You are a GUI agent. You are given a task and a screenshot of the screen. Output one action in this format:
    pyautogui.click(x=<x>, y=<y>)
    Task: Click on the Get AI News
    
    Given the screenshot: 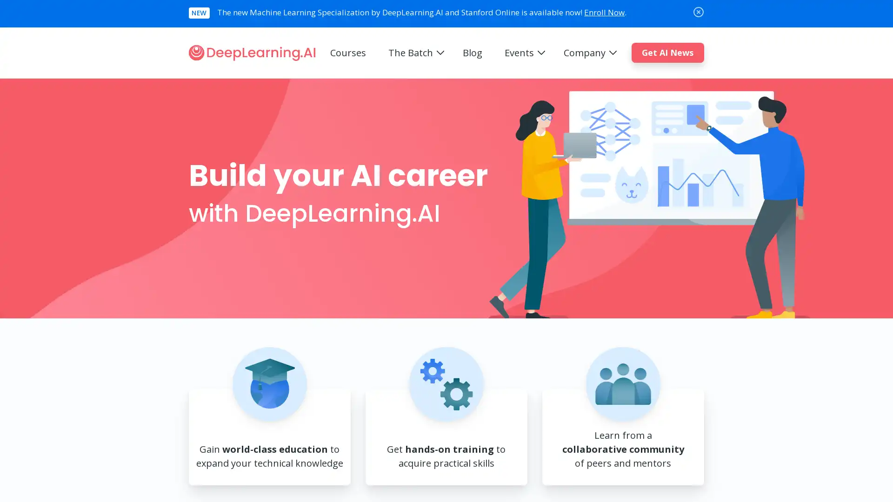 What is the action you would take?
    pyautogui.click(x=667, y=52)
    